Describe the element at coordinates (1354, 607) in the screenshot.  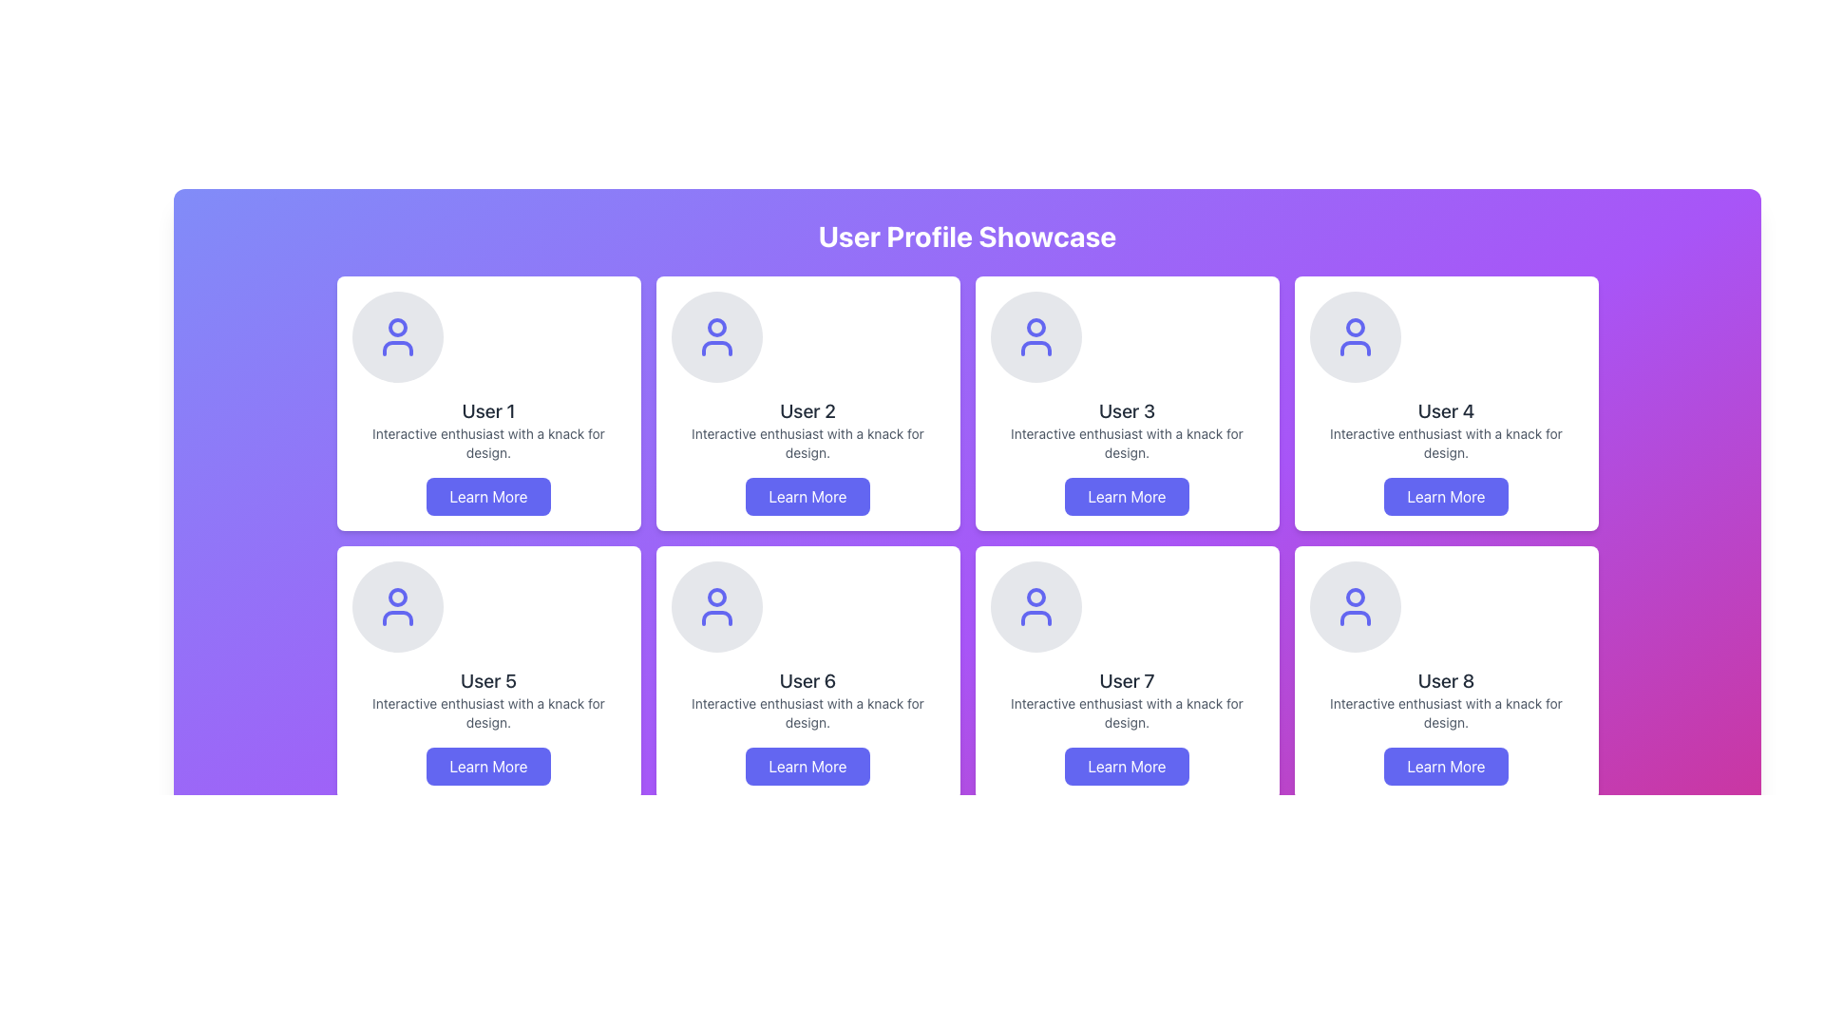
I see `the user profile SVG icon located at the top of the 'User 8' card in the bottom-right of the grid layout` at that location.